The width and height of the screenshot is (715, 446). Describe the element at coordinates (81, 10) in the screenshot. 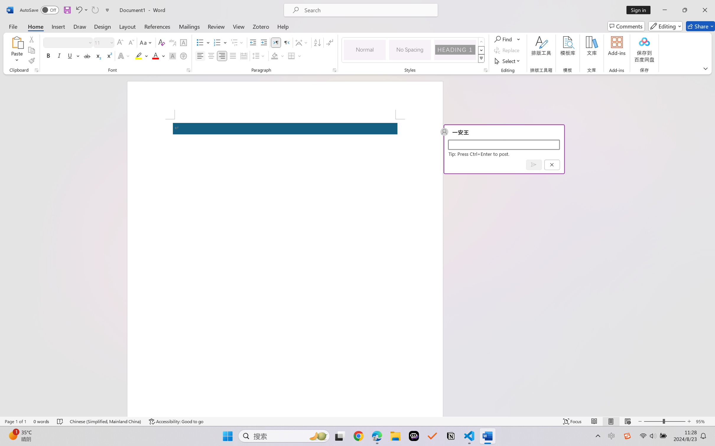

I see `'Undo'` at that location.